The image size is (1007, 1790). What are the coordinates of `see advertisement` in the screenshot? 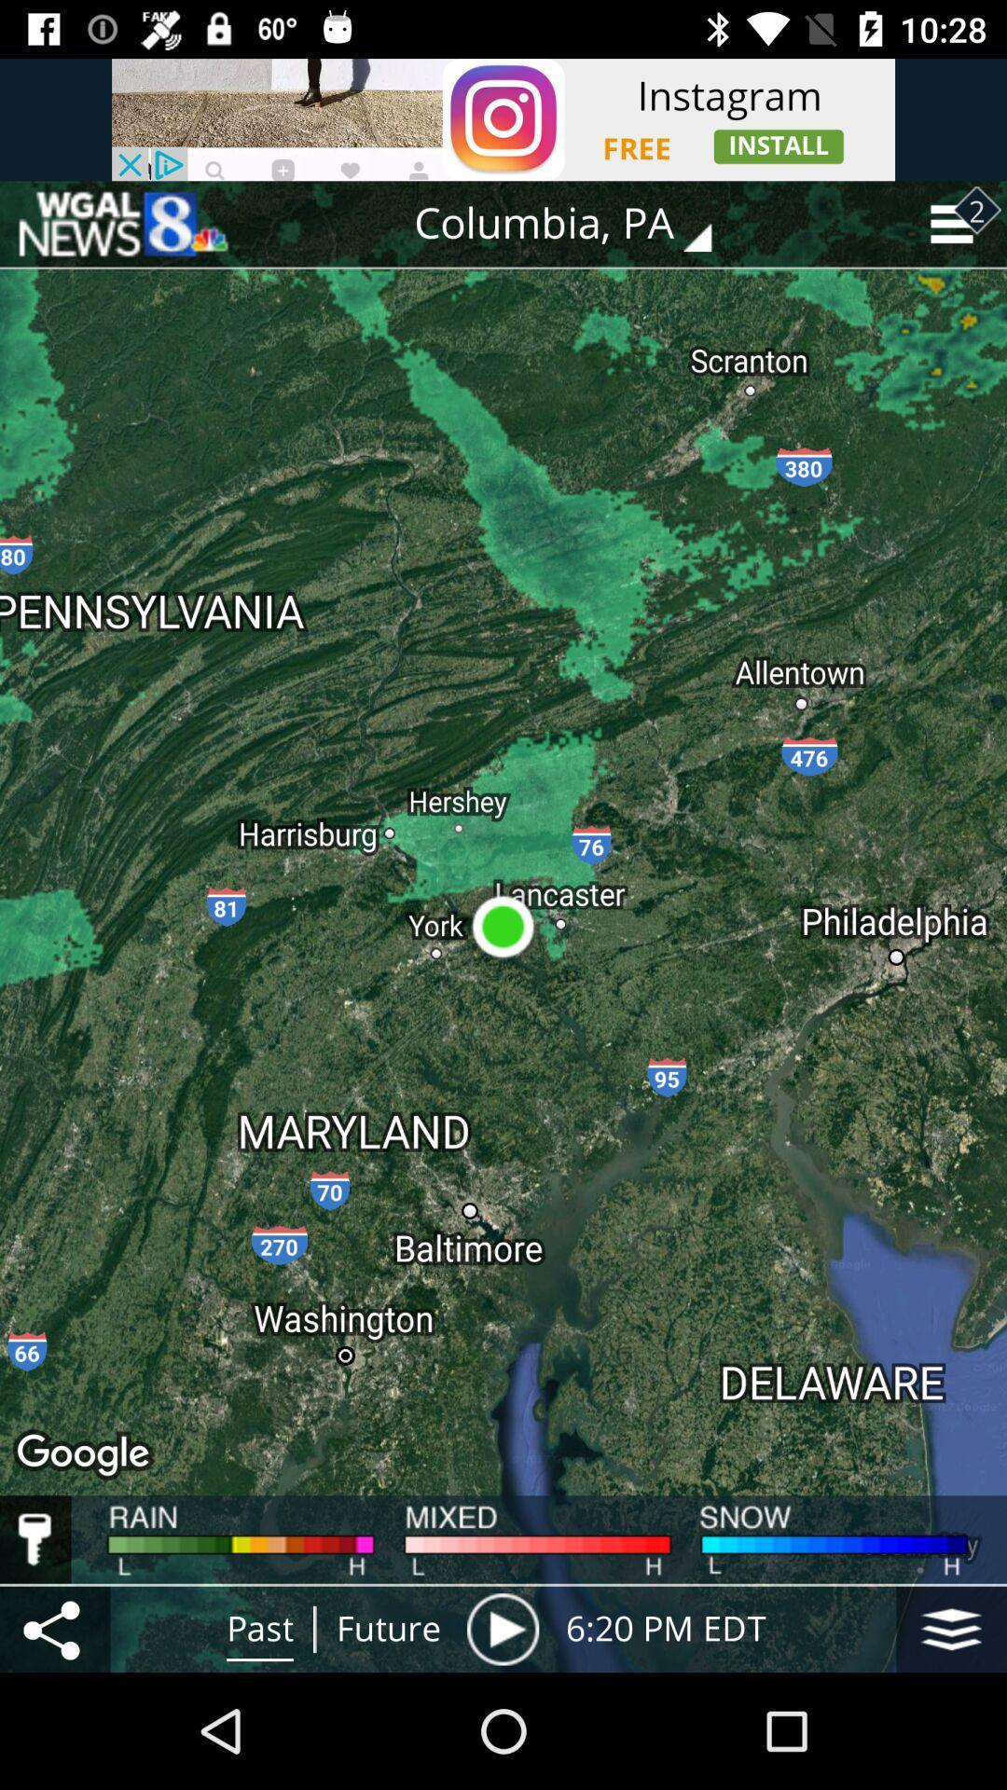 It's located at (504, 118).